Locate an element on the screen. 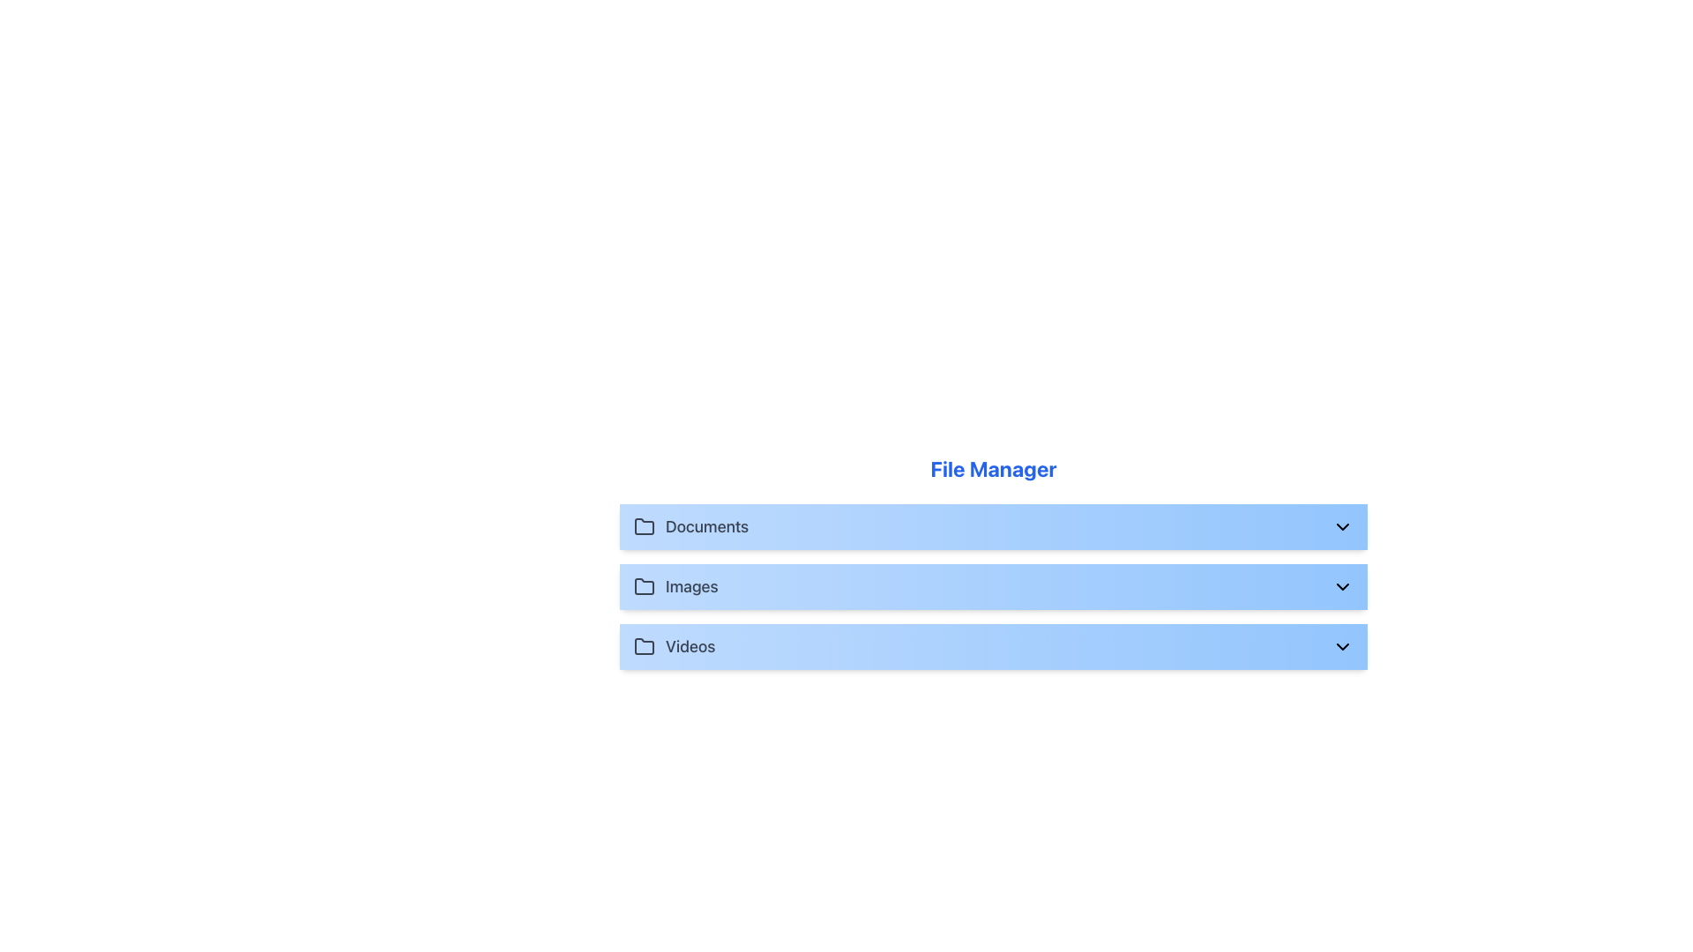 Image resolution: width=1693 pixels, height=952 pixels. the 'Images' folder category expander in the file manager is located at coordinates (994, 587).